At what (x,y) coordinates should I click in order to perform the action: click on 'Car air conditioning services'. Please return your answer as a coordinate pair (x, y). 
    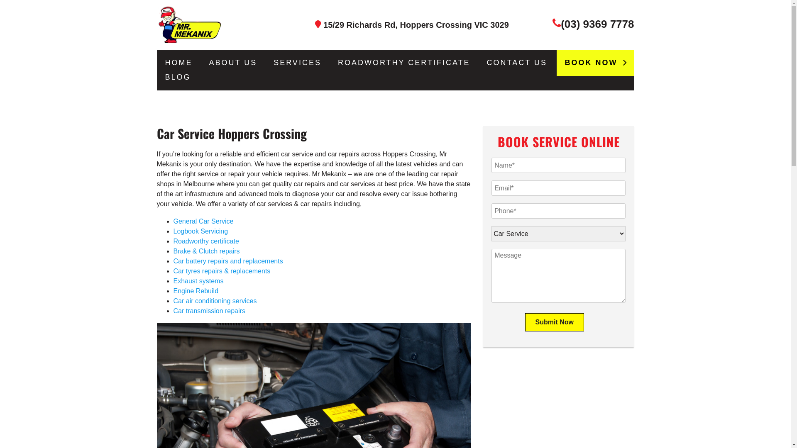
    Looking at the image, I should click on (173, 301).